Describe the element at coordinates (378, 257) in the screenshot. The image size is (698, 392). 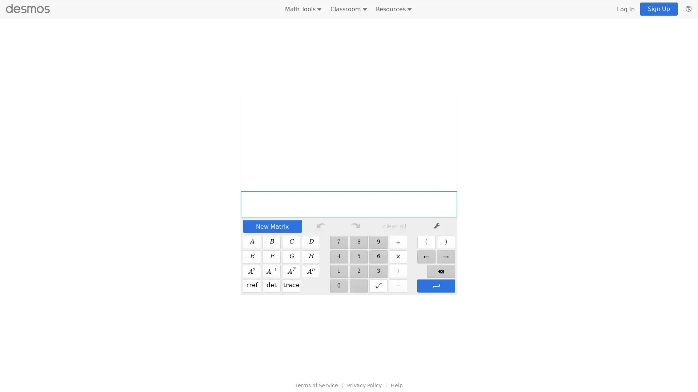
I see `6` at that location.